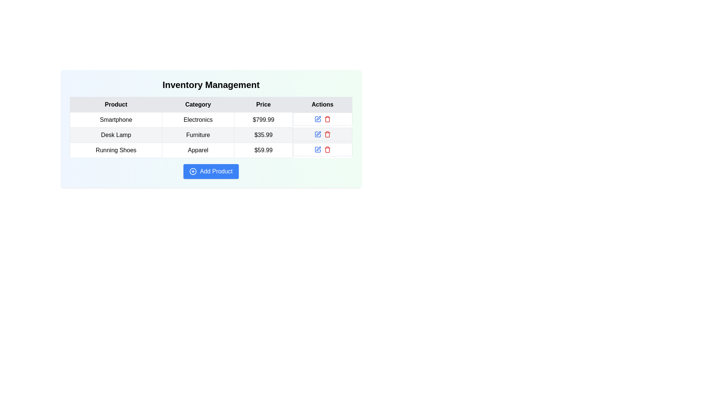 The image size is (713, 401). I want to click on the static table cell displaying 'Apparel' in the 'Category' column of the third row under 'Inventory Management', so click(198, 150).